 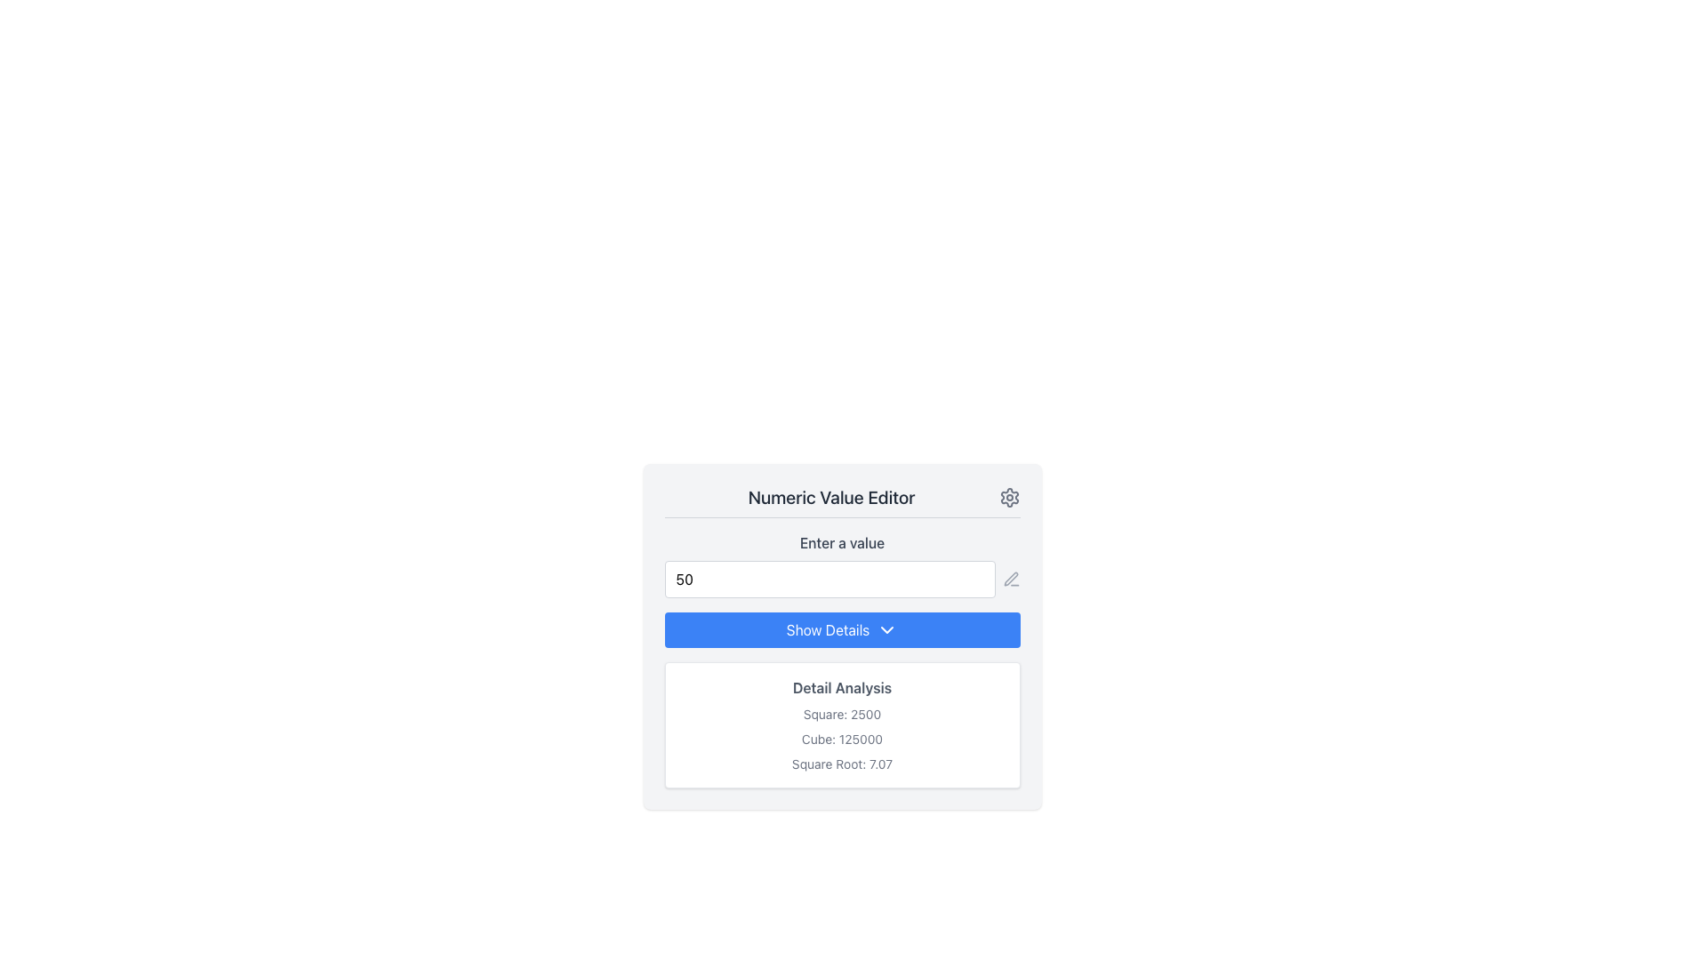 I want to click on the Text Label that reads 'Numeric Value Editor', which is styled with a bold, medium-sized font in dark gray color, prominently positioned at the top of a numeric input component, so click(x=830, y=497).